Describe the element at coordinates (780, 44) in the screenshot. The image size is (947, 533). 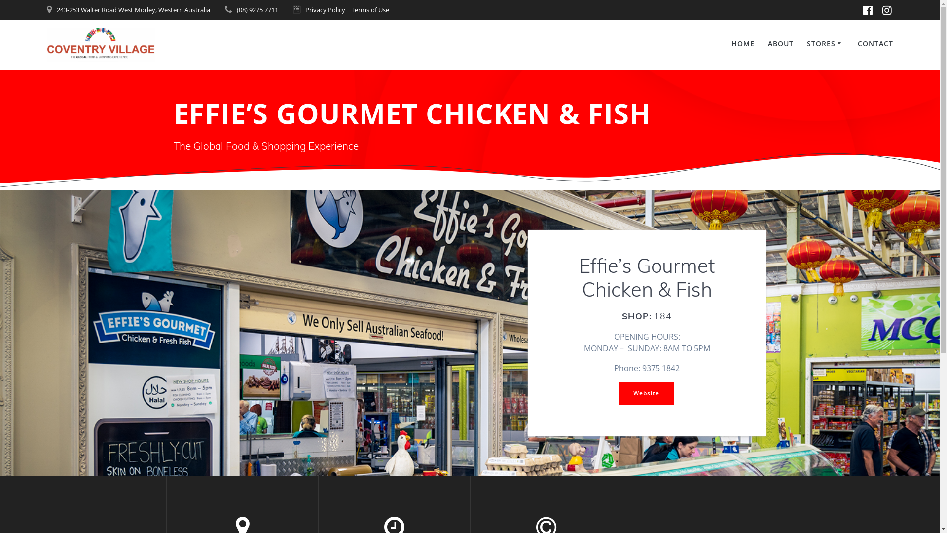
I see `'ABOUT'` at that location.